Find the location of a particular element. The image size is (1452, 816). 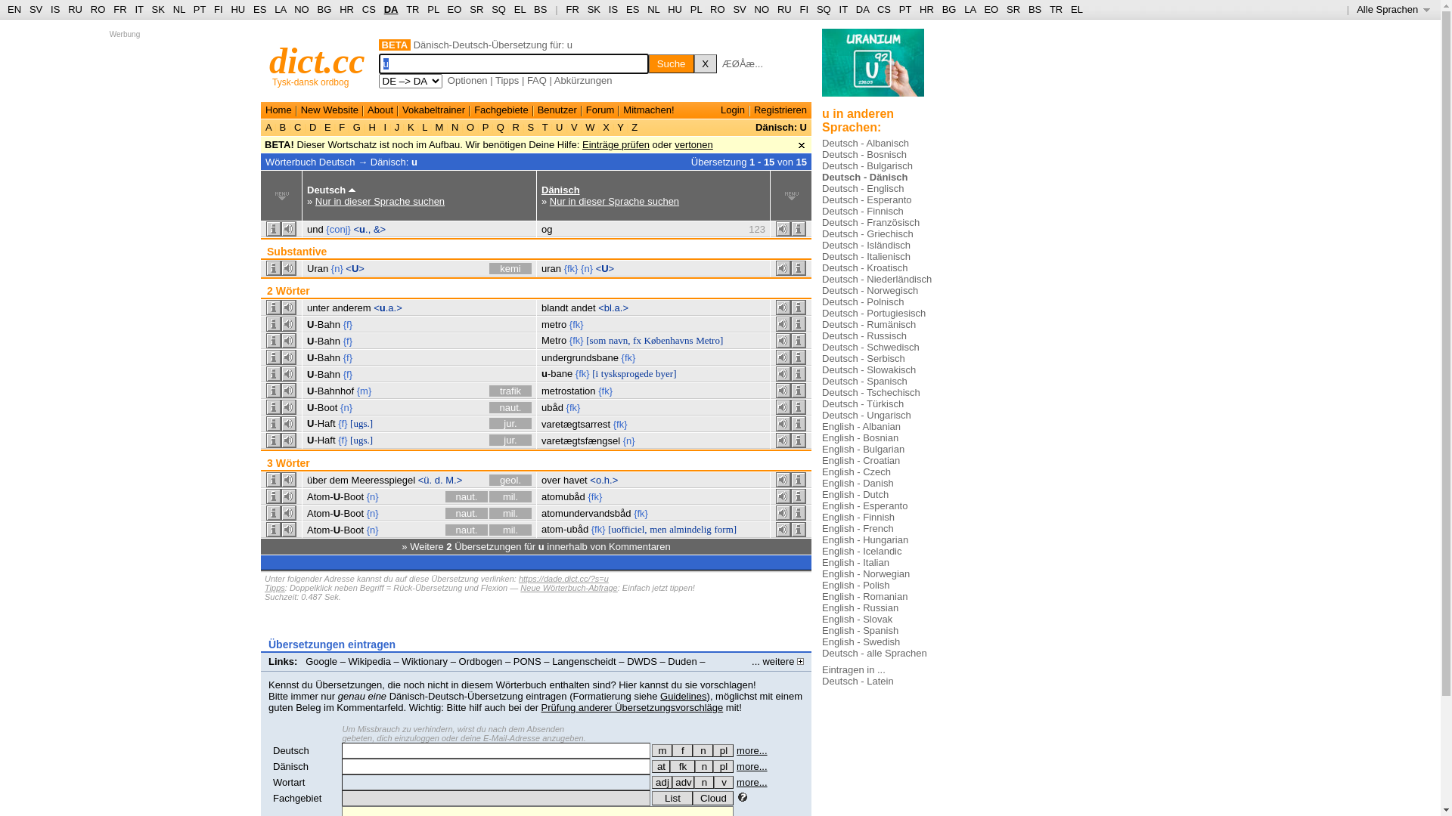

'Wikipedia' is located at coordinates (370, 660).